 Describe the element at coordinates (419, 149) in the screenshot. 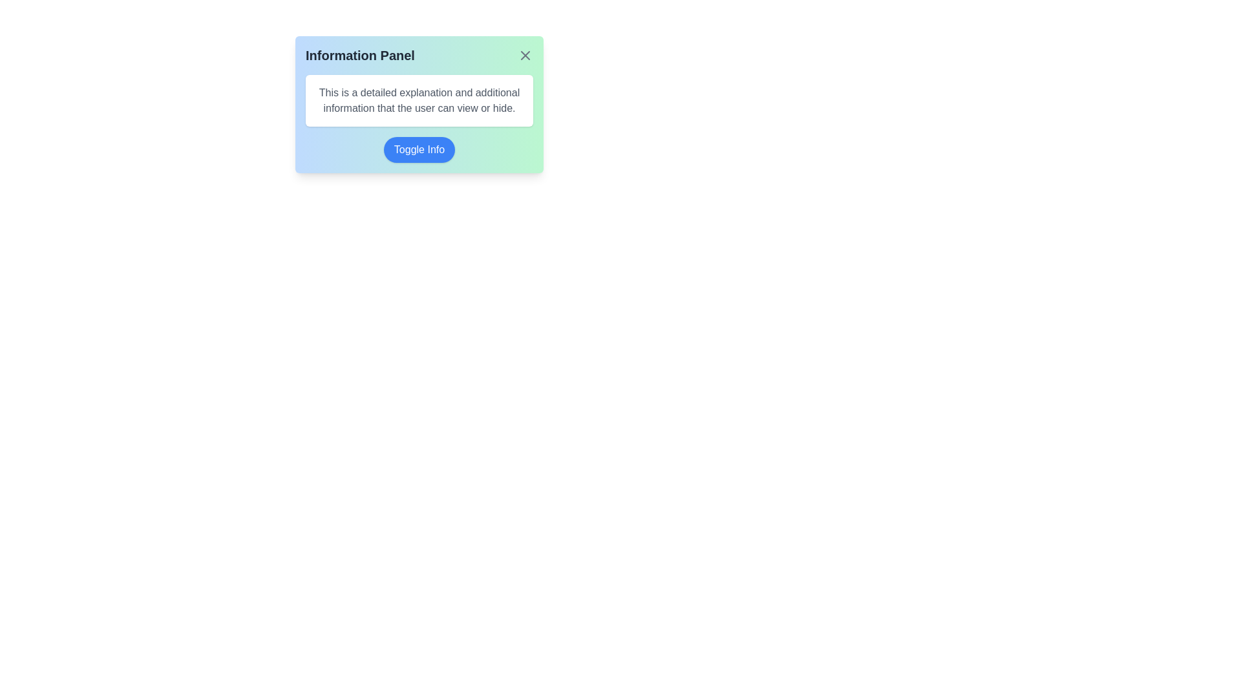

I see `the button at the bottom center of the 'Information Panel' modal dialog` at that location.